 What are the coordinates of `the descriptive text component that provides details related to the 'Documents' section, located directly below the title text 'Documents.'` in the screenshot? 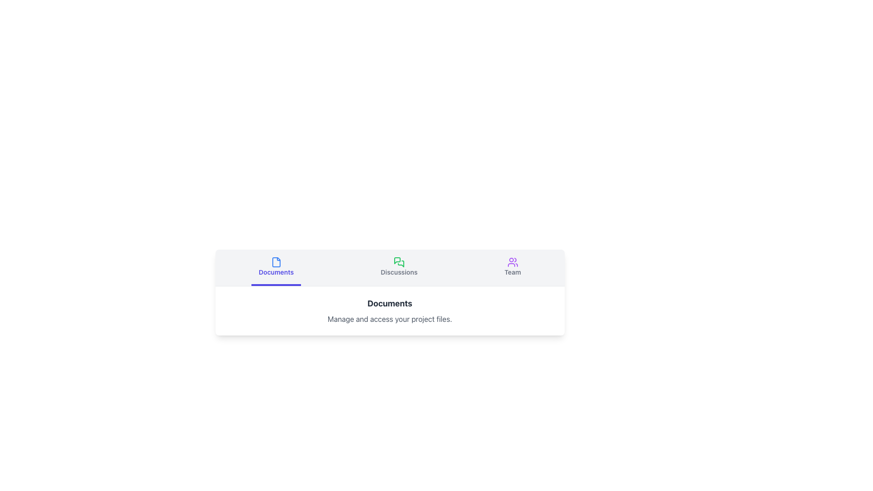 It's located at (390, 318).